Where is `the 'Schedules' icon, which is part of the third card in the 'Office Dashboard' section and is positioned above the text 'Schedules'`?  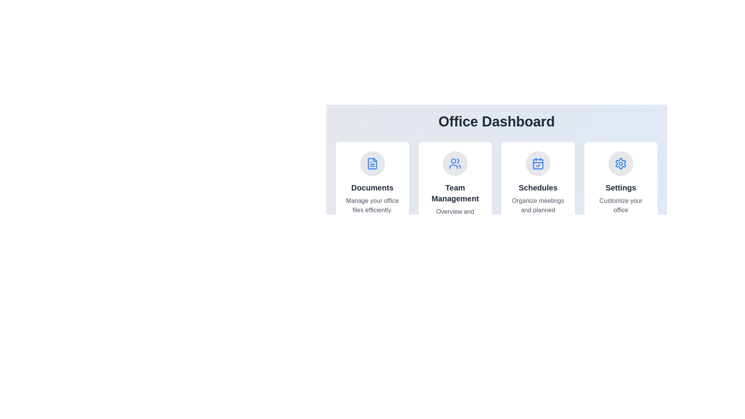
the 'Schedules' icon, which is part of the third card in the 'Office Dashboard' section and is positioned above the text 'Schedules' is located at coordinates (537, 163).